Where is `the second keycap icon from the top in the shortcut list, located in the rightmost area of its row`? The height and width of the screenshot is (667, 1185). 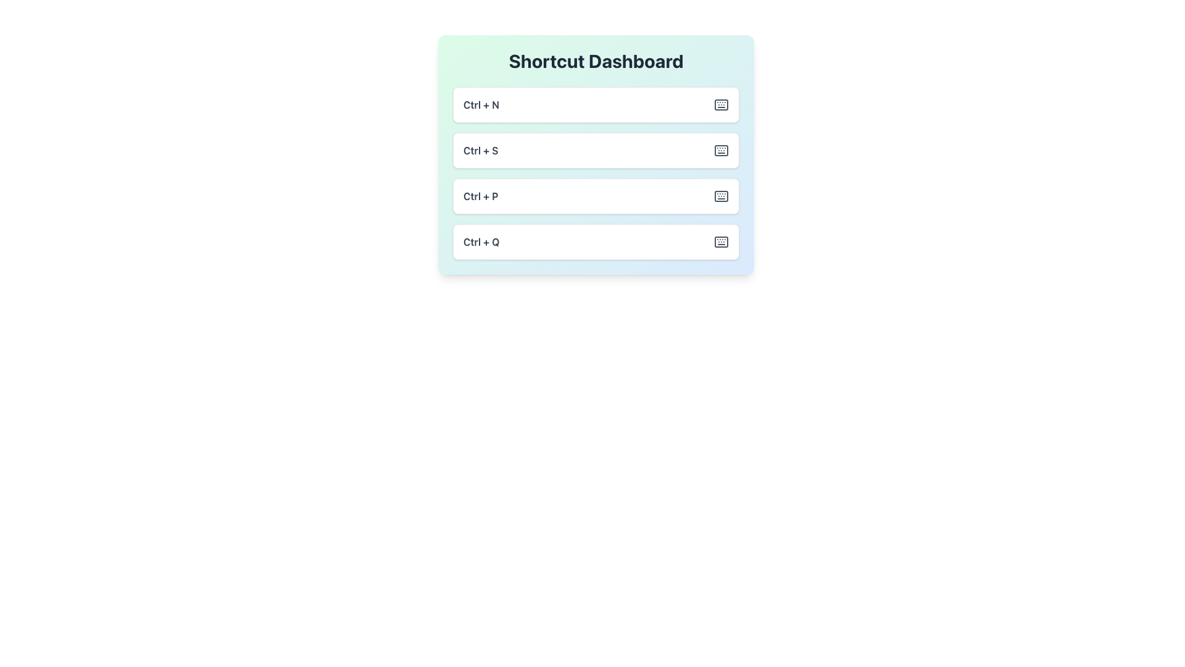
the second keycap icon from the top in the shortcut list, located in the rightmost area of its row is located at coordinates (721, 149).